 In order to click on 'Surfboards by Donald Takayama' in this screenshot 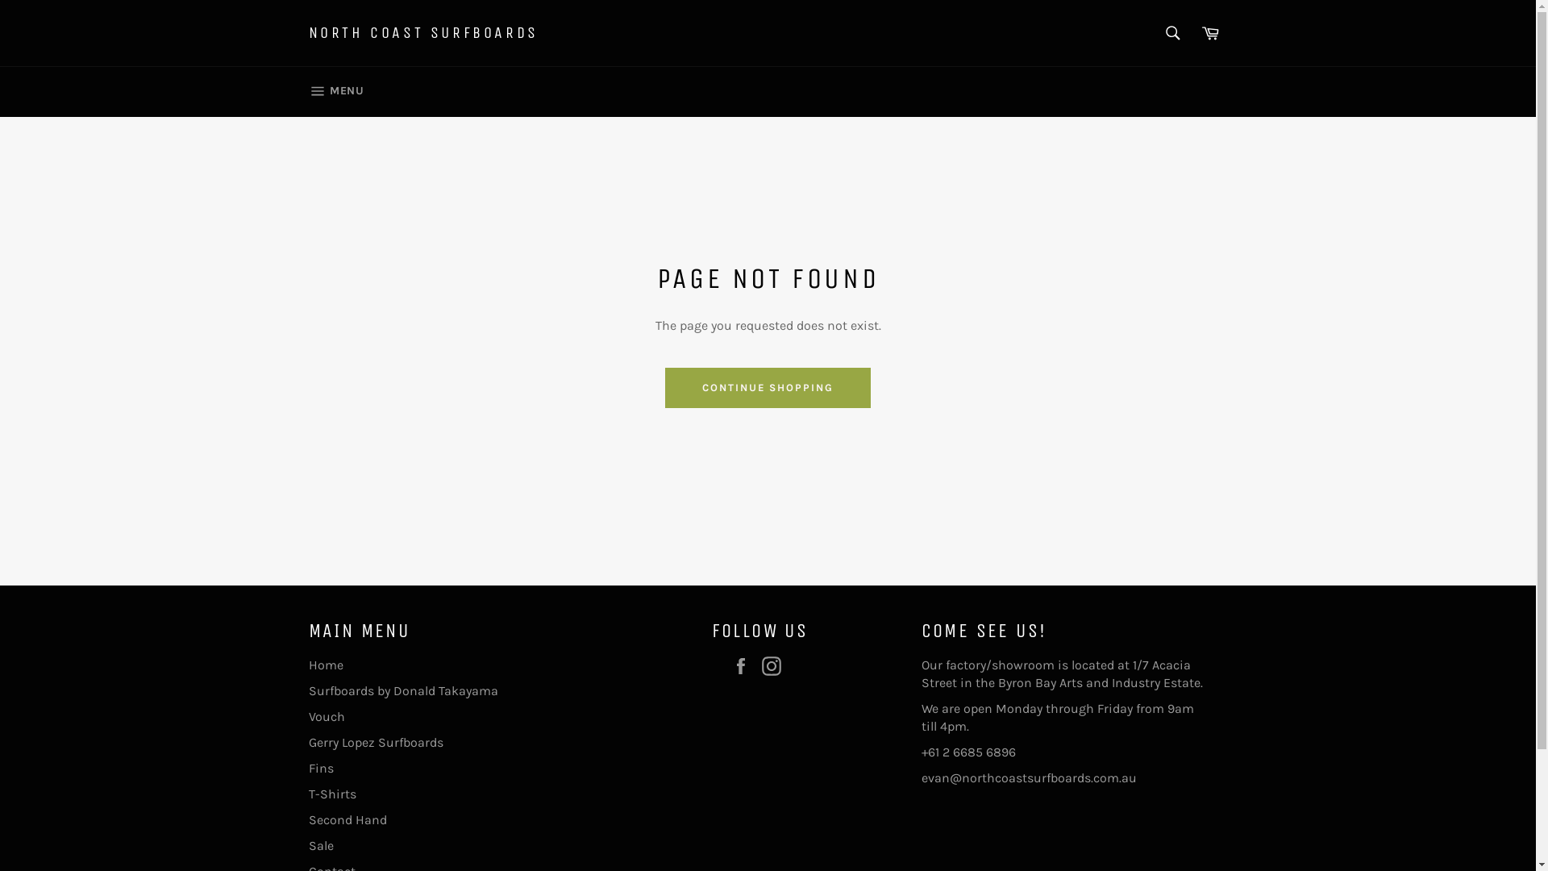, I will do `click(402, 690)`.